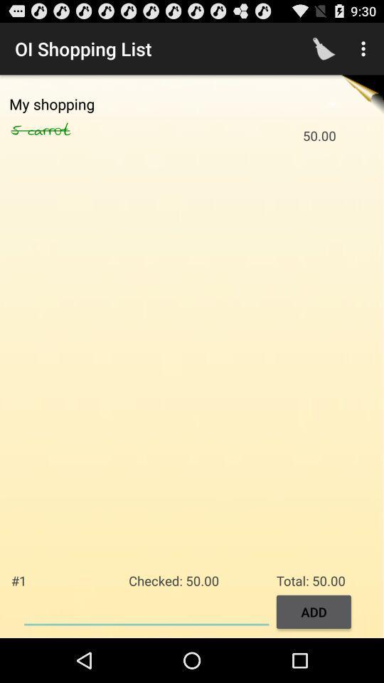 Image resolution: width=384 pixels, height=683 pixels. I want to click on the item below #1 app, so click(146, 610).